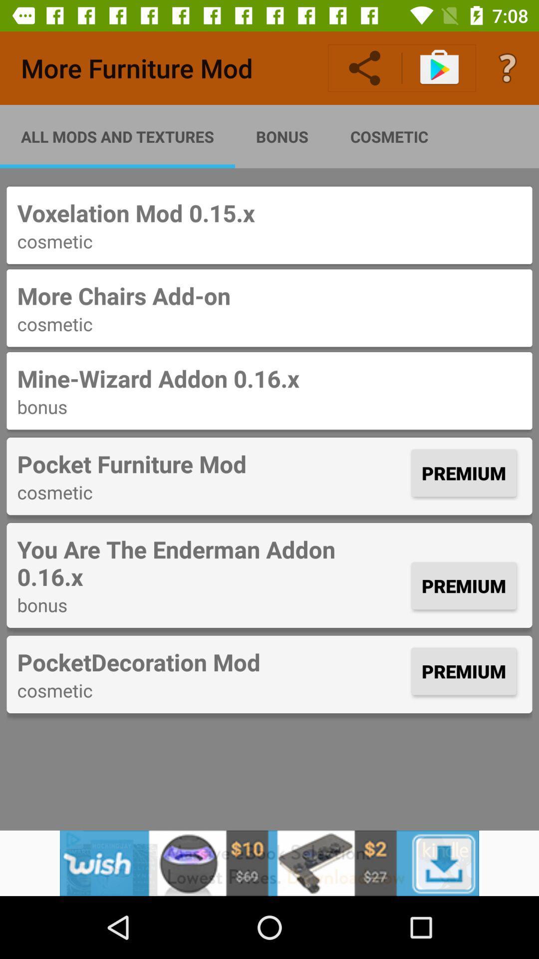 The image size is (539, 959). Describe the element at coordinates (508, 68) in the screenshot. I see `or help  button which is after play store icon on a page` at that location.